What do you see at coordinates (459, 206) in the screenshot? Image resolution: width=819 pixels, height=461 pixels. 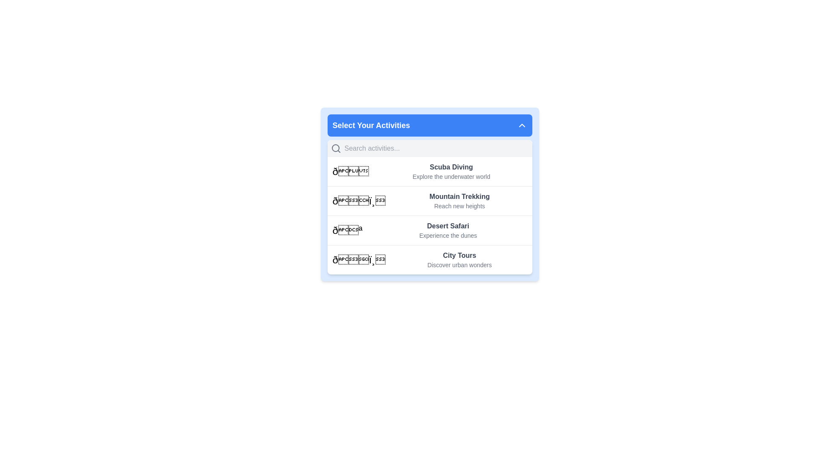 I see `text label that says 'Reach new heights', which is styled in gray and located below the heading 'Mountain Trekking' in the second item of the list under 'Select Your Activities'` at bounding box center [459, 206].